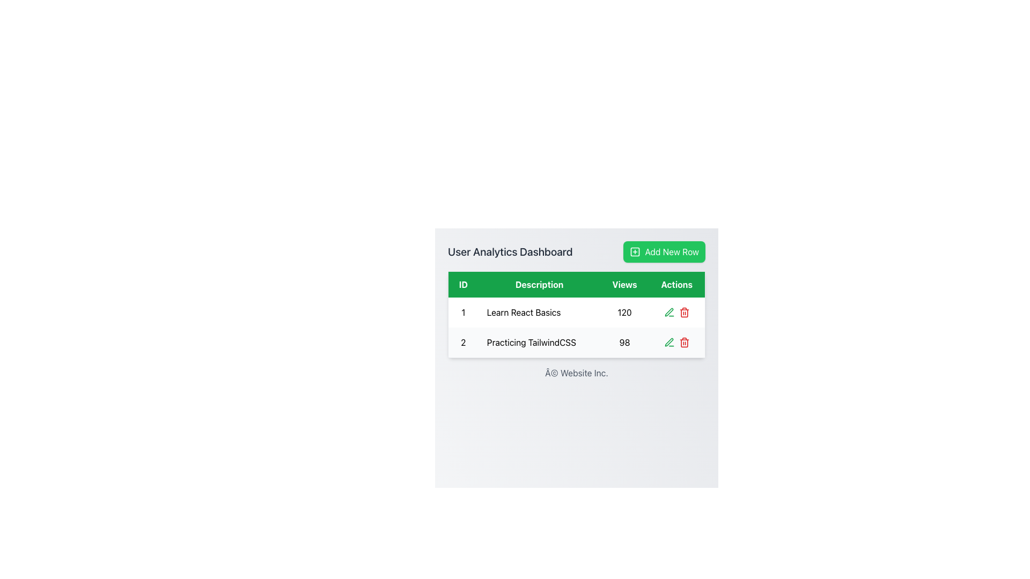 This screenshot has width=1030, height=579. Describe the element at coordinates (539, 343) in the screenshot. I see `the descriptive text element located in the second row of the 'Description' column of the table` at that location.